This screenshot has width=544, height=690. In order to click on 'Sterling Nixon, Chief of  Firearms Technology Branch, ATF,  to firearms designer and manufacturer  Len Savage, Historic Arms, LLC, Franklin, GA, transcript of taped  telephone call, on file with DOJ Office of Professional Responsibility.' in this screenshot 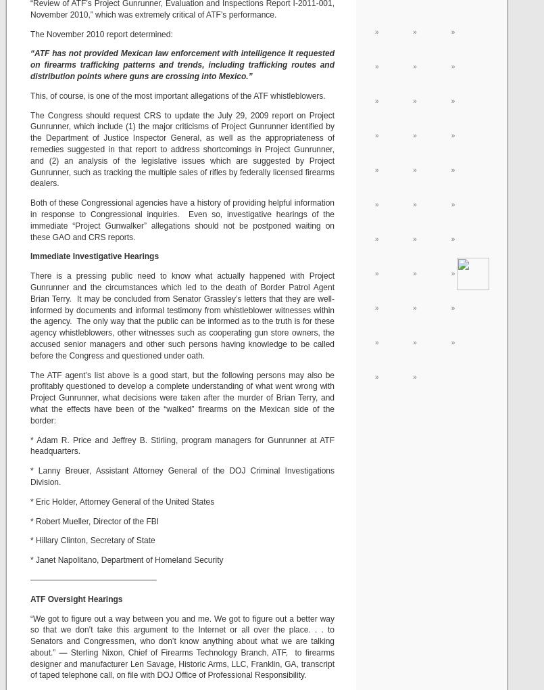, I will do `click(30, 664)`.